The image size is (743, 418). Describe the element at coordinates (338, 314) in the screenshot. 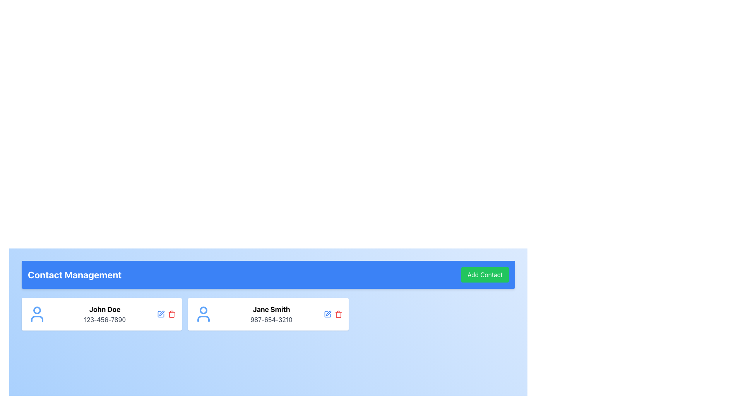

I see `the delete button for the contact 'Jane Smith', which is the third interactive icon following a blue edit icon` at that location.